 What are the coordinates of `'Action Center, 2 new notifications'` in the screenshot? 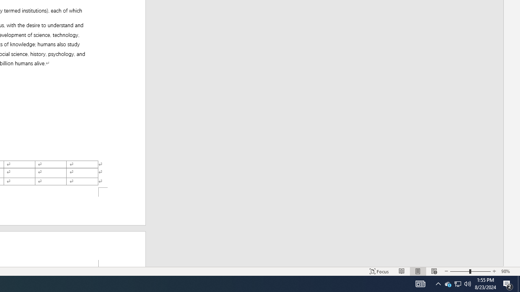 It's located at (518, 283).